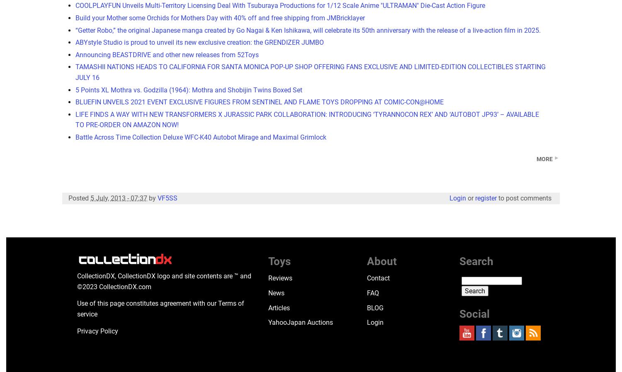 The height and width of the screenshot is (372, 622). Describe the element at coordinates (268, 278) in the screenshot. I see `'Reviews'` at that location.